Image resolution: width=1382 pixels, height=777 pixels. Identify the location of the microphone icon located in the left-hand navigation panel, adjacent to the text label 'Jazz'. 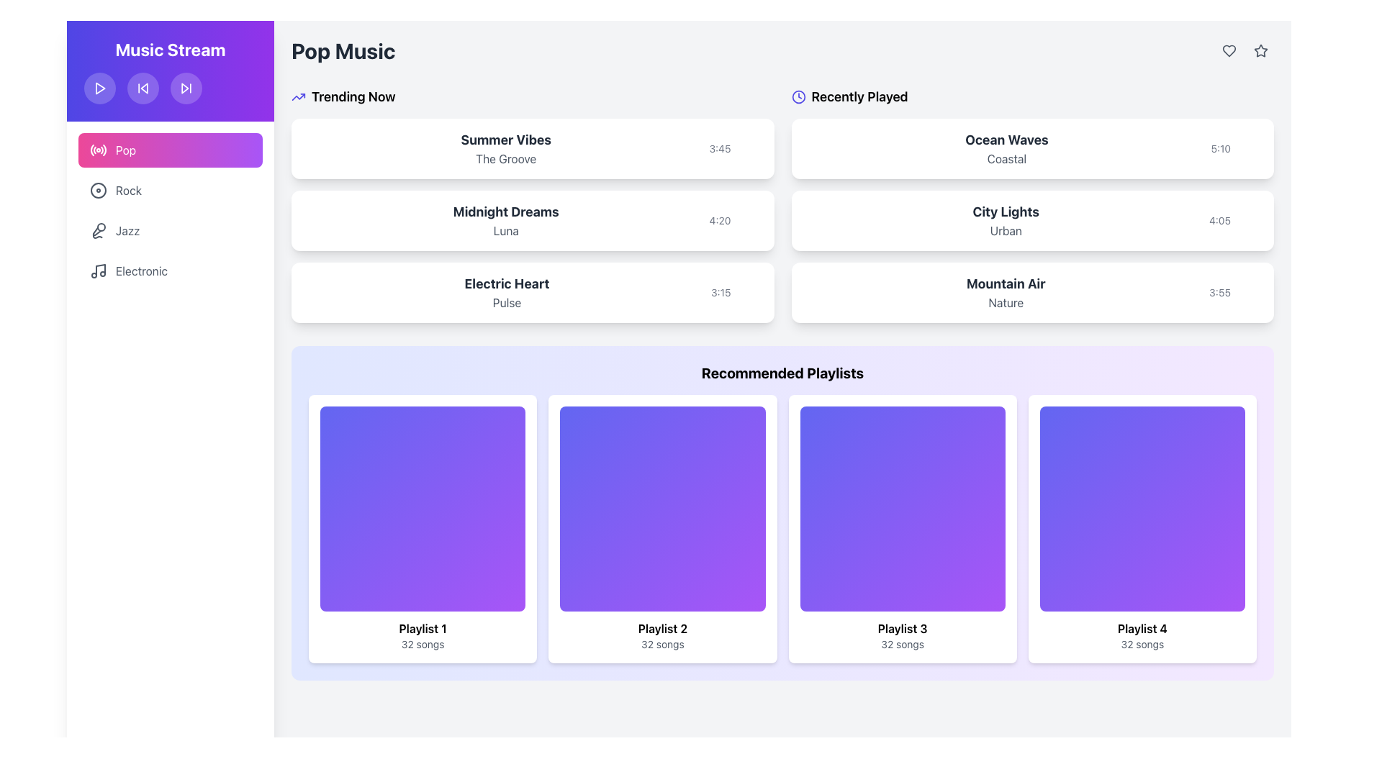
(98, 230).